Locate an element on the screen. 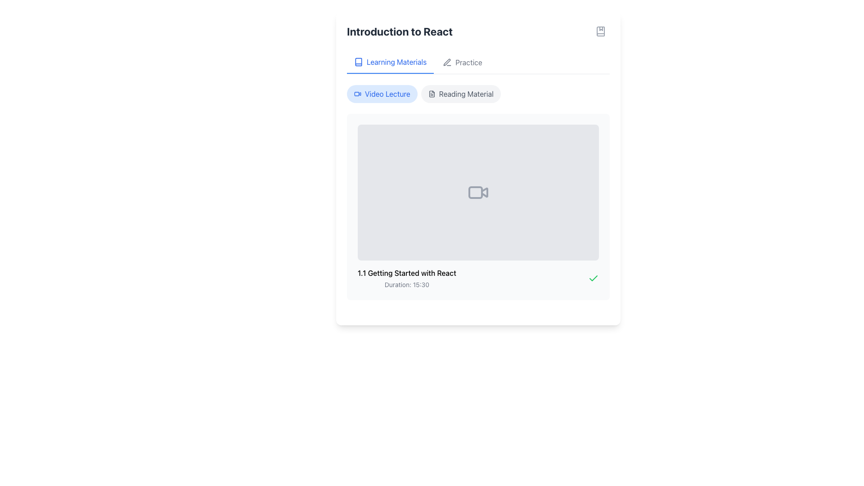  the 'Practice' button, which is a gray segment of a horizontal bar located below the main heading, following the 'Learning Materials' button is located at coordinates (477, 62).